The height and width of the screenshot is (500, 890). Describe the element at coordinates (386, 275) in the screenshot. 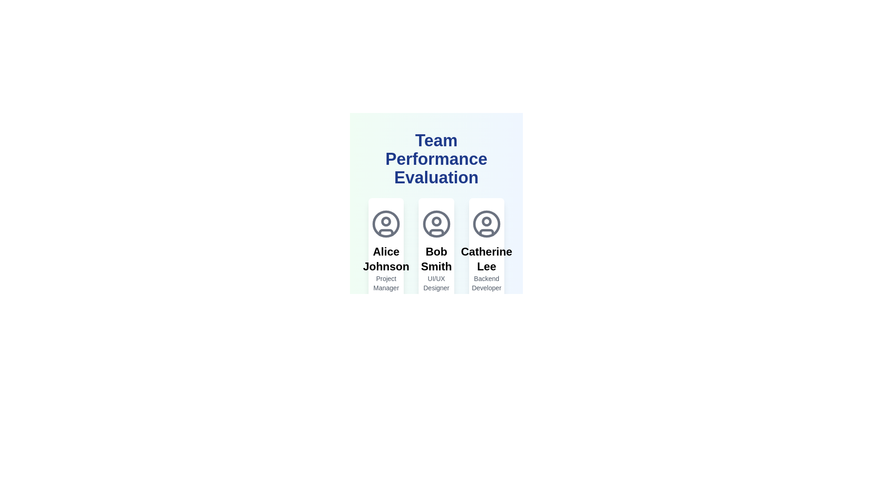

I see `the card of a team member to view their details` at that location.